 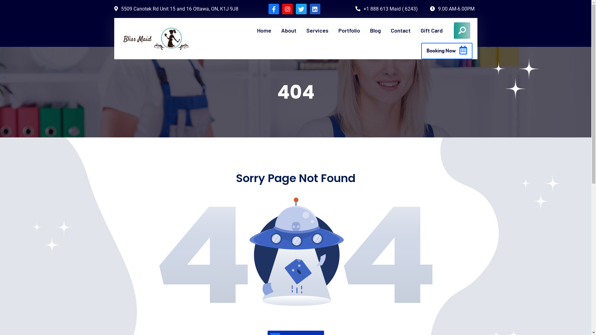 What do you see at coordinates (420, 30) in the screenshot?
I see `'Gift Card'` at bounding box center [420, 30].